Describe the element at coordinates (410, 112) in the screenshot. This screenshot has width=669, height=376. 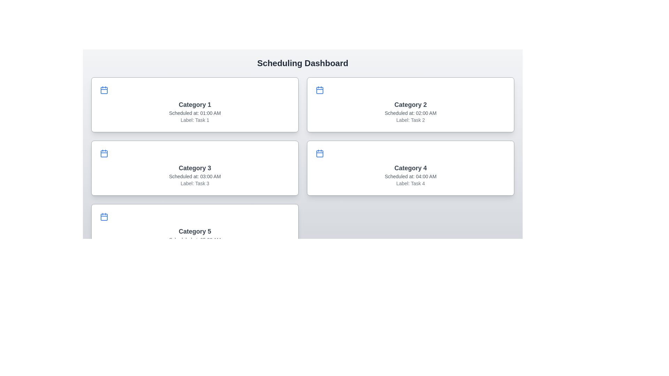
I see `text content of the label displaying 'Scheduled at: 02:00 AM', located below the 'Category 2' title and above the 'Label: Task 2' text within the bordered card` at that location.